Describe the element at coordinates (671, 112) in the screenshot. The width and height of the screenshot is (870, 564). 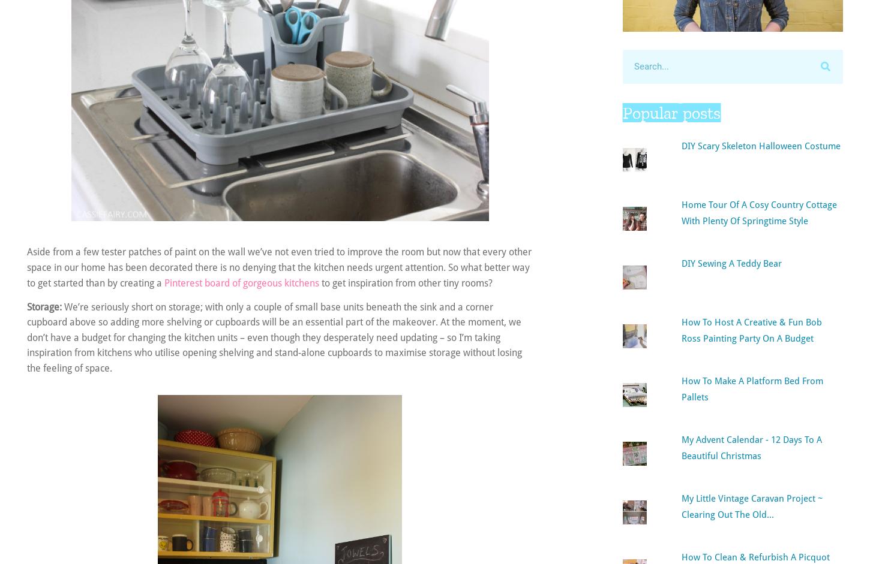
I see `'Popular posts'` at that location.